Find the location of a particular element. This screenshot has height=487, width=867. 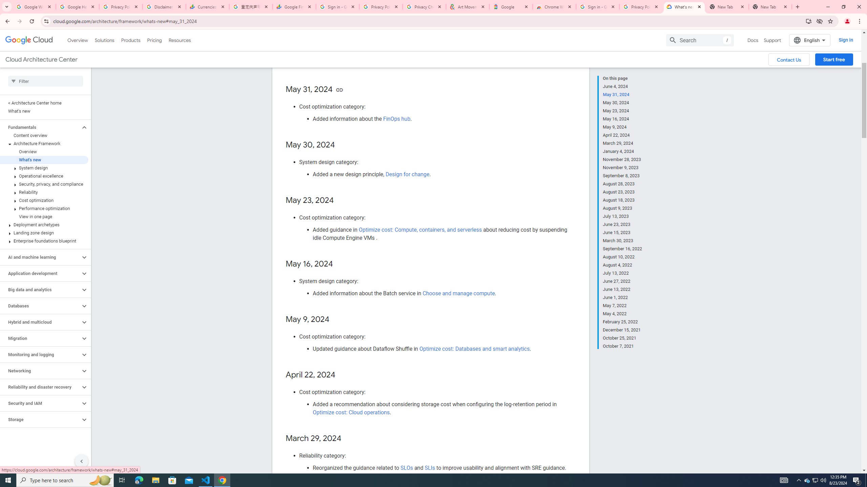

'Privacy Checkup' is located at coordinates (424, 6).